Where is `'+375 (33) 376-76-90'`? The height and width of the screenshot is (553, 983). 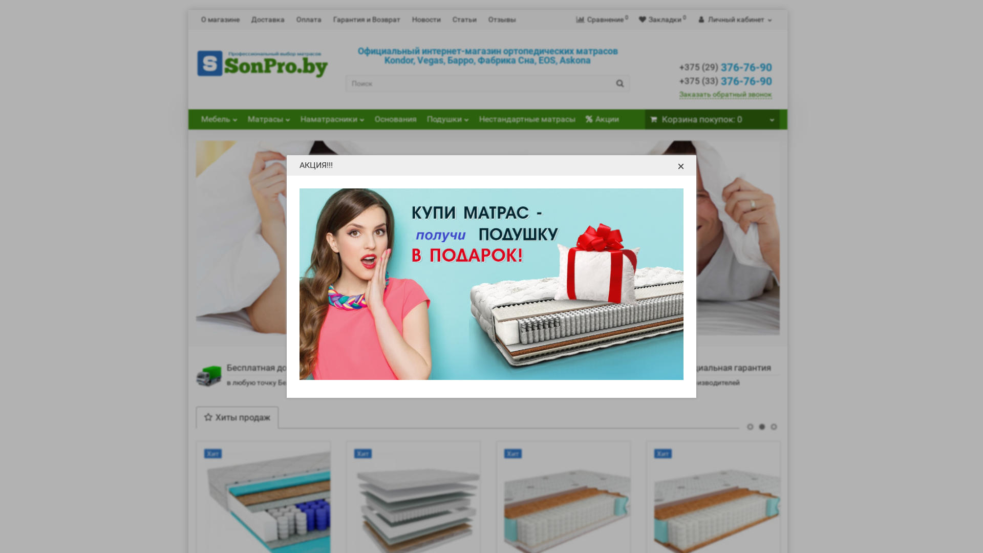
'+375 (33) 376-76-90' is located at coordinates (724, 80).